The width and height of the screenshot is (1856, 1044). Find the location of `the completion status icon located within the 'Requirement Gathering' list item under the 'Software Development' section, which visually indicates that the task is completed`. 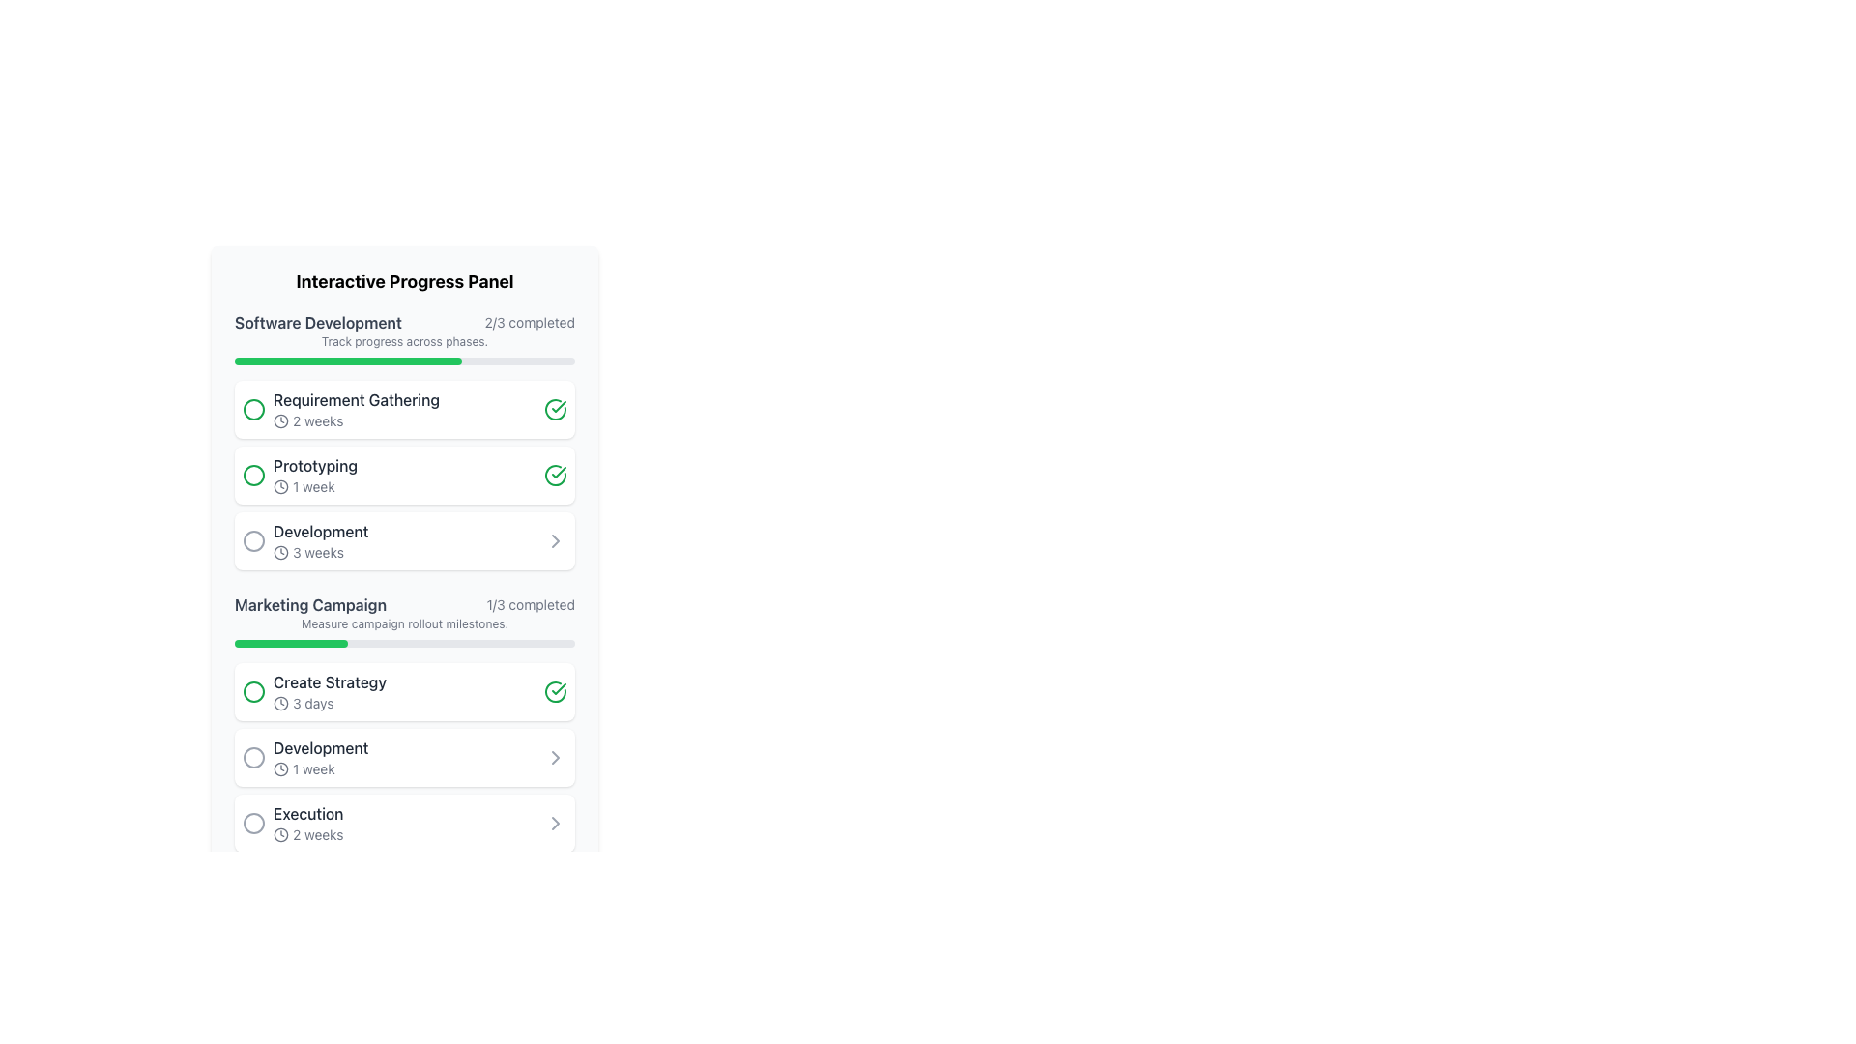

the completion status icon located within the 'Requirement Gathering' list item under the 'Software Development' section, which visually indicates that the task is completed is located at coordinates (555, 691).